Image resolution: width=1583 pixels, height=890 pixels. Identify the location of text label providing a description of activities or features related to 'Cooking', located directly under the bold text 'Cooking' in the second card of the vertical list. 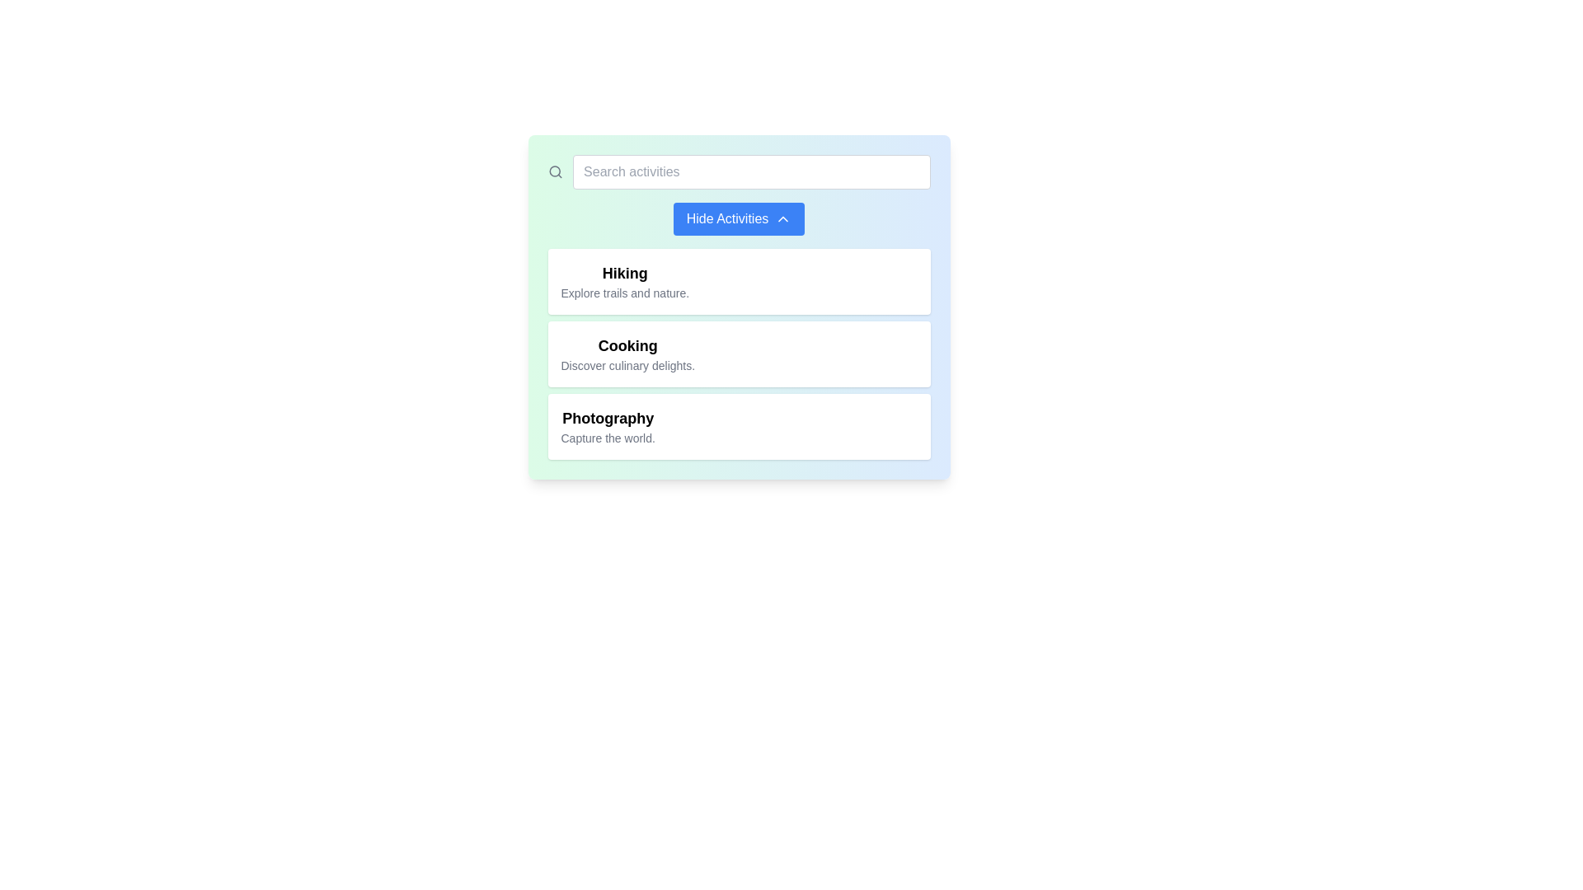
(627, 364).